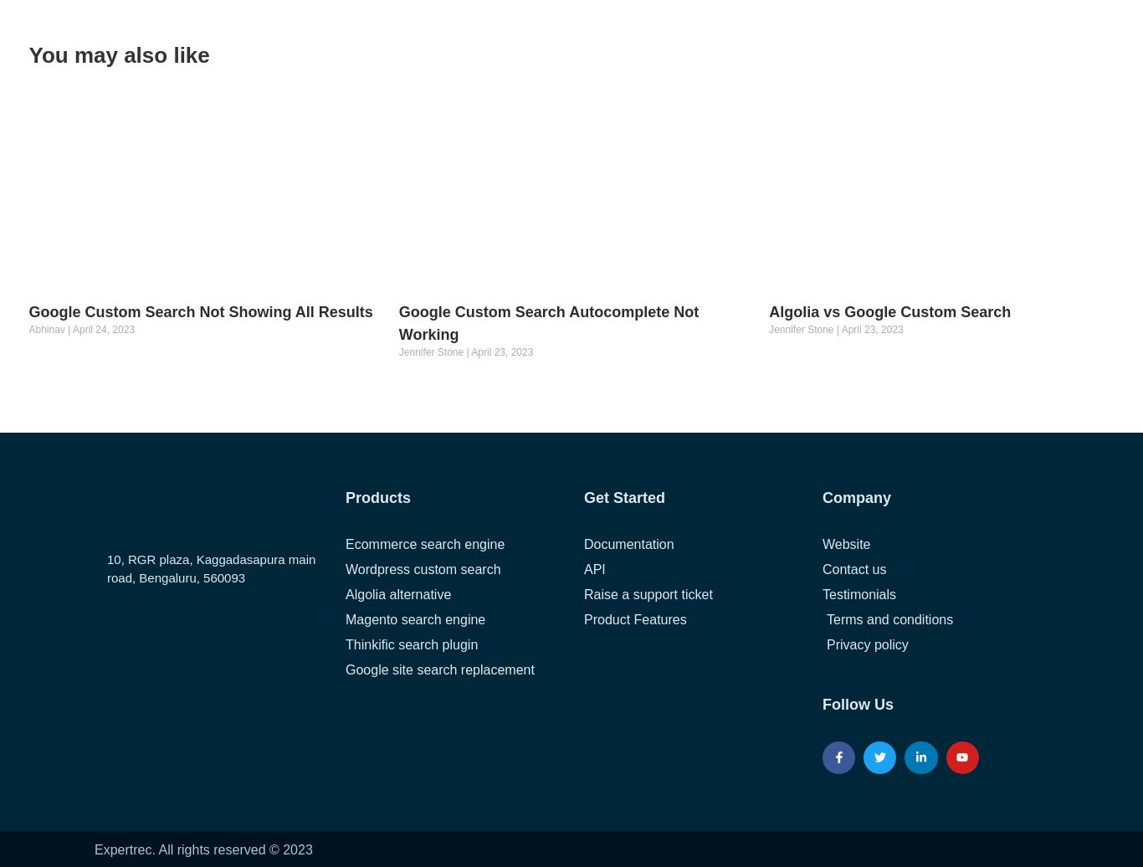  I want to click on 'Algolia vs Google Custom Search', so click(889, 311).